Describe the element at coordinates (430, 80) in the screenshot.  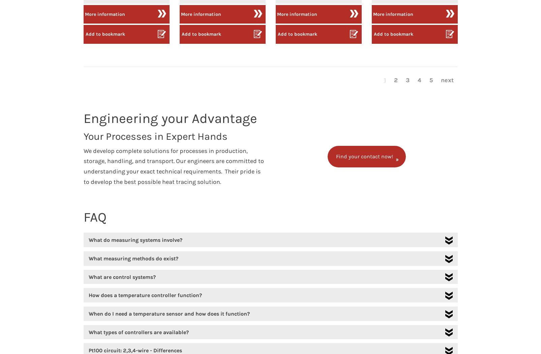
I see `'5'` at that location.